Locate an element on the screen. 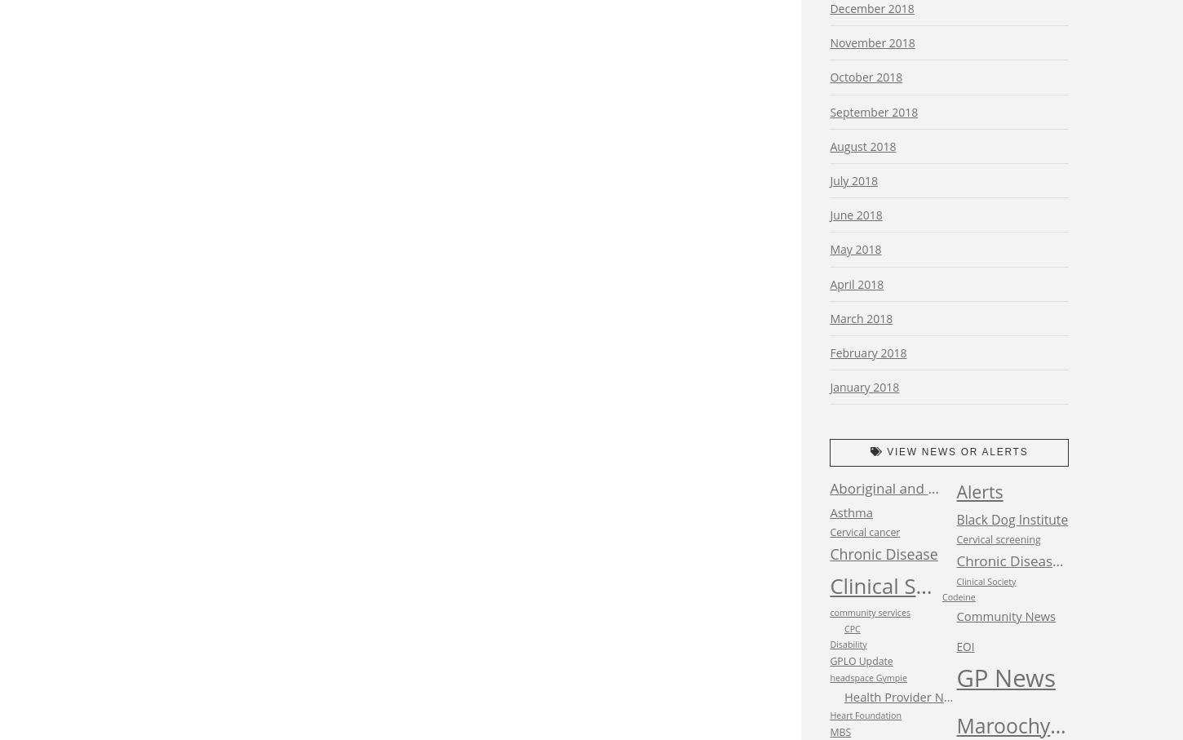 The height and width of the screenshot is (740, 1183). 'June 2018' is located at coordinates (855, 214).